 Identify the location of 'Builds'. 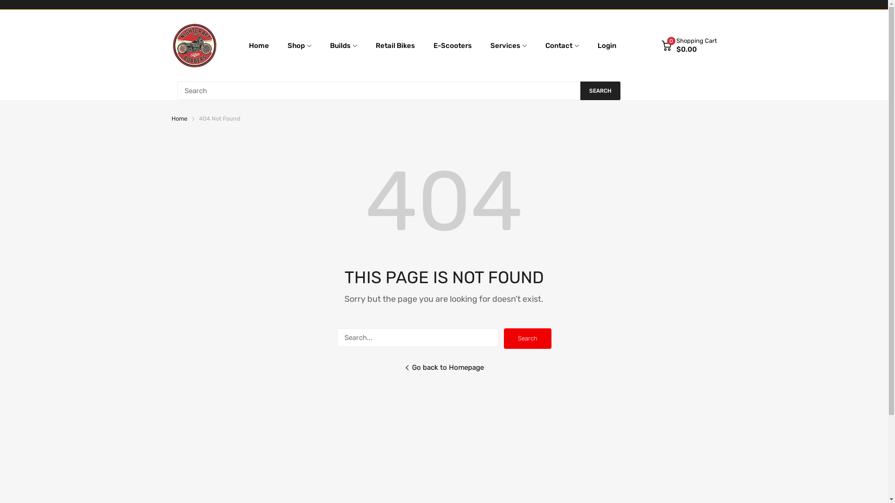
(330, 45).